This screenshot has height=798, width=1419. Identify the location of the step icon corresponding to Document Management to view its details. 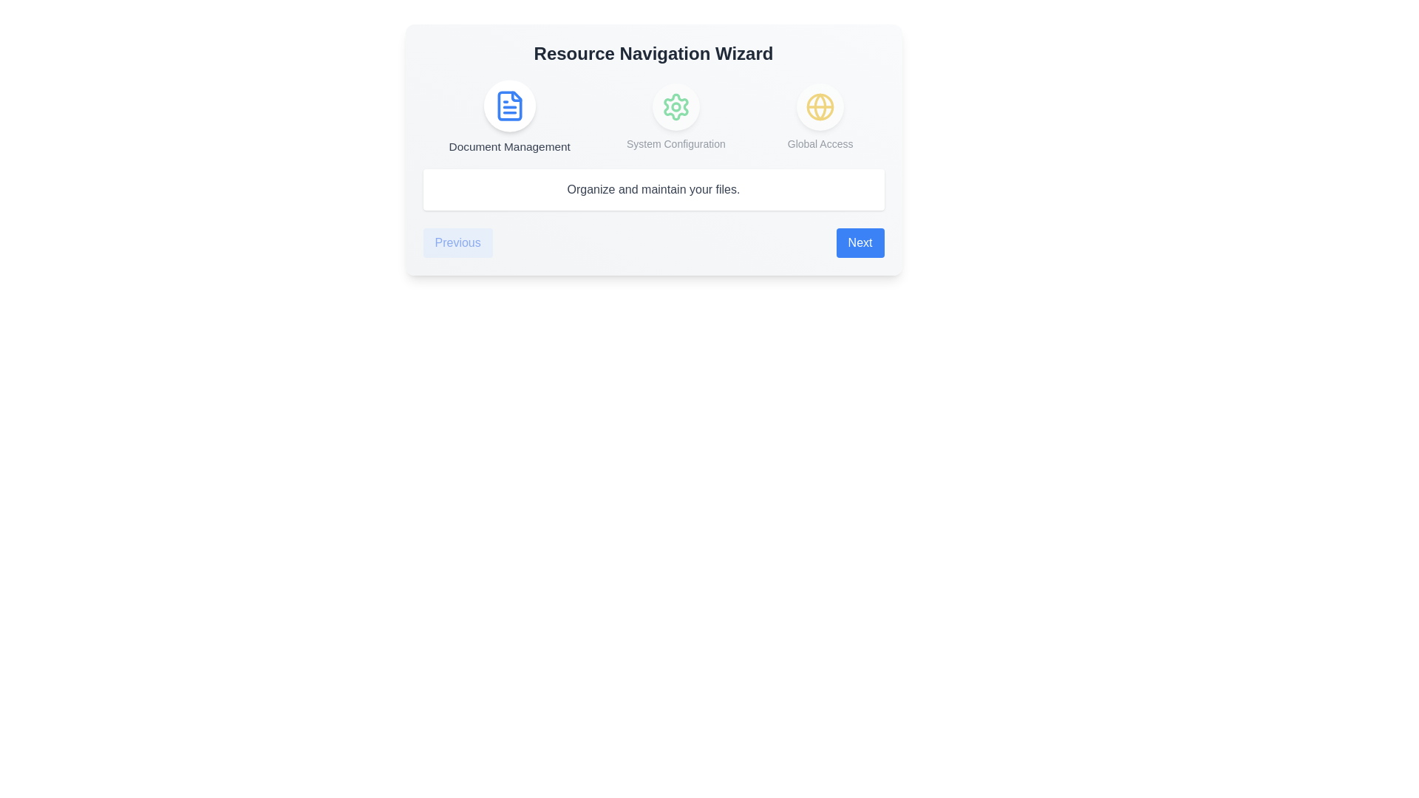
(509, 105).